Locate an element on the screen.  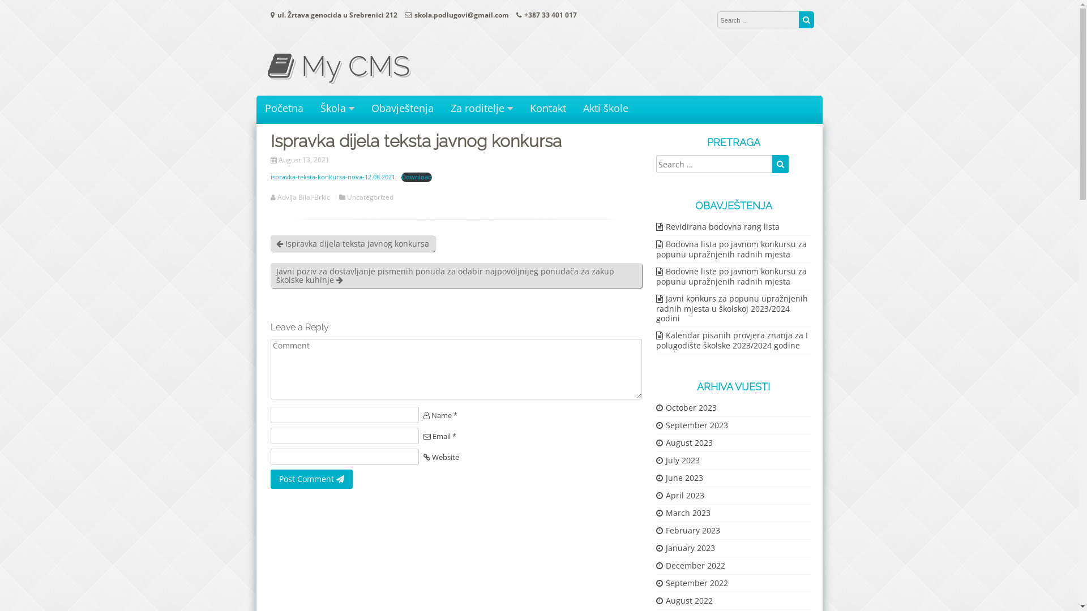
'August 2023' is located at coordinates (655, 442).